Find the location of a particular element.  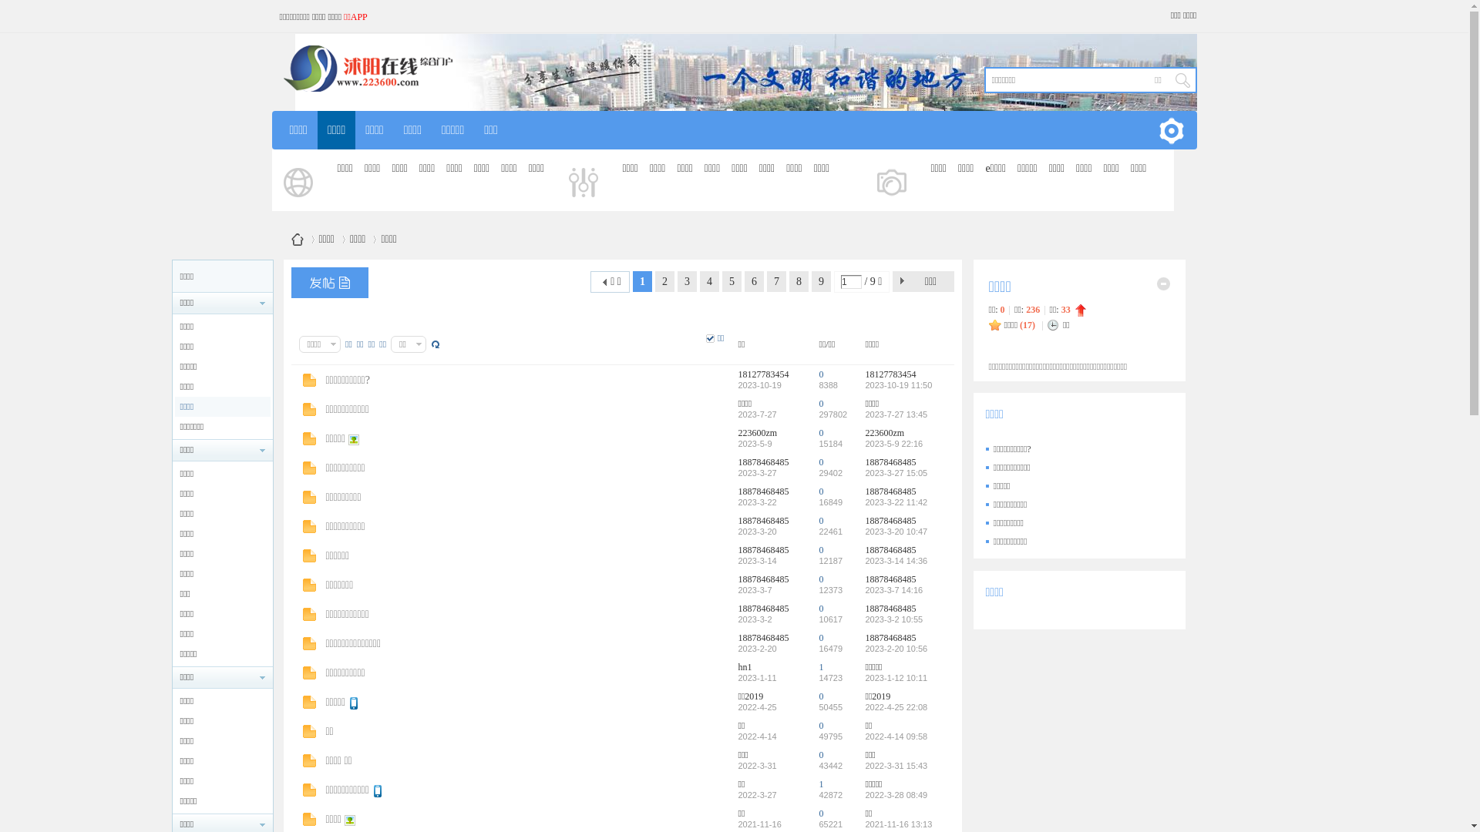

'2022-3-28 08:49' is located at coordinates (865, 795).